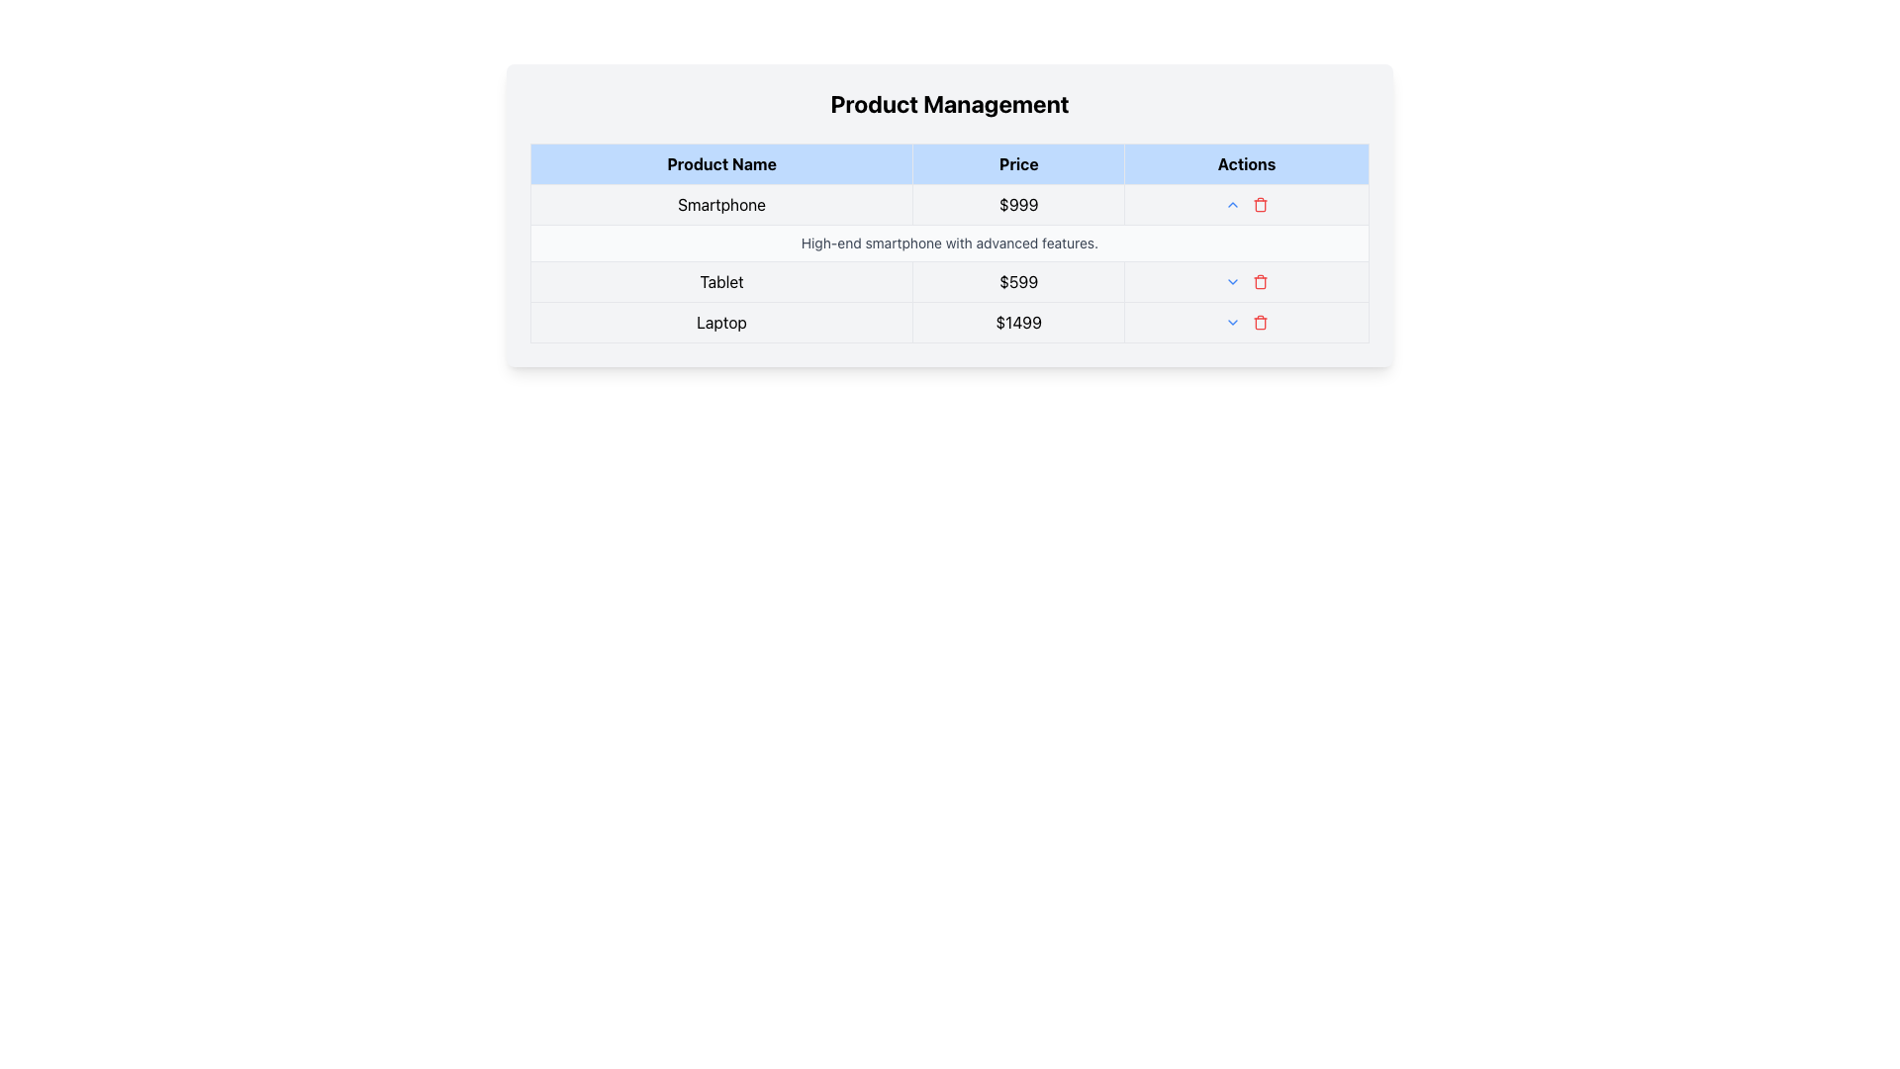  I want to click on the delete icon button located in the 'Actions' column of the last row in the table, following the blue arrow icon for the item labeled 'Laptop', so click(1259, 322).